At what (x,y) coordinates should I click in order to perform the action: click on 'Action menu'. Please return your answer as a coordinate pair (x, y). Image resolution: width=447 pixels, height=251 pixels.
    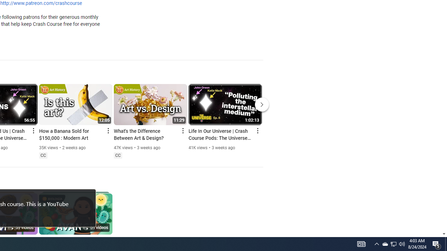
    Looking at the image, I should click on (257, 131).